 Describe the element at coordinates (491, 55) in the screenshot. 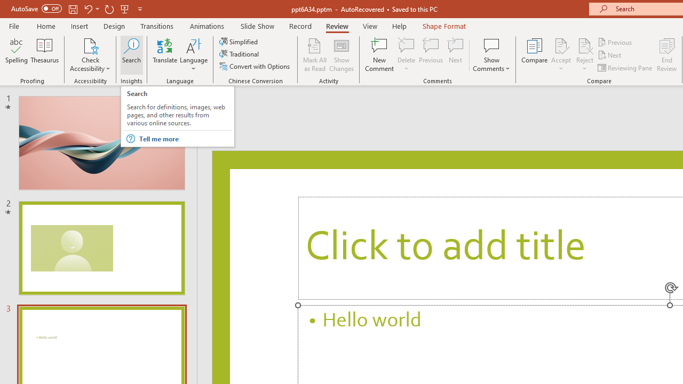

I see `'Show Comments'` at that location.